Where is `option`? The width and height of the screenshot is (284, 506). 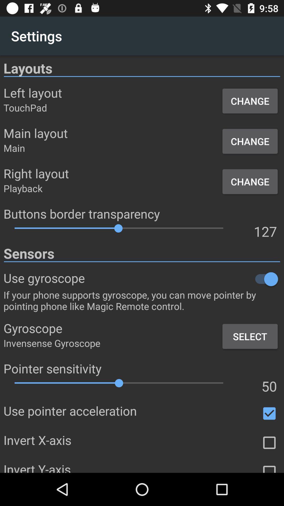
option is located at coordinates (269, 467).